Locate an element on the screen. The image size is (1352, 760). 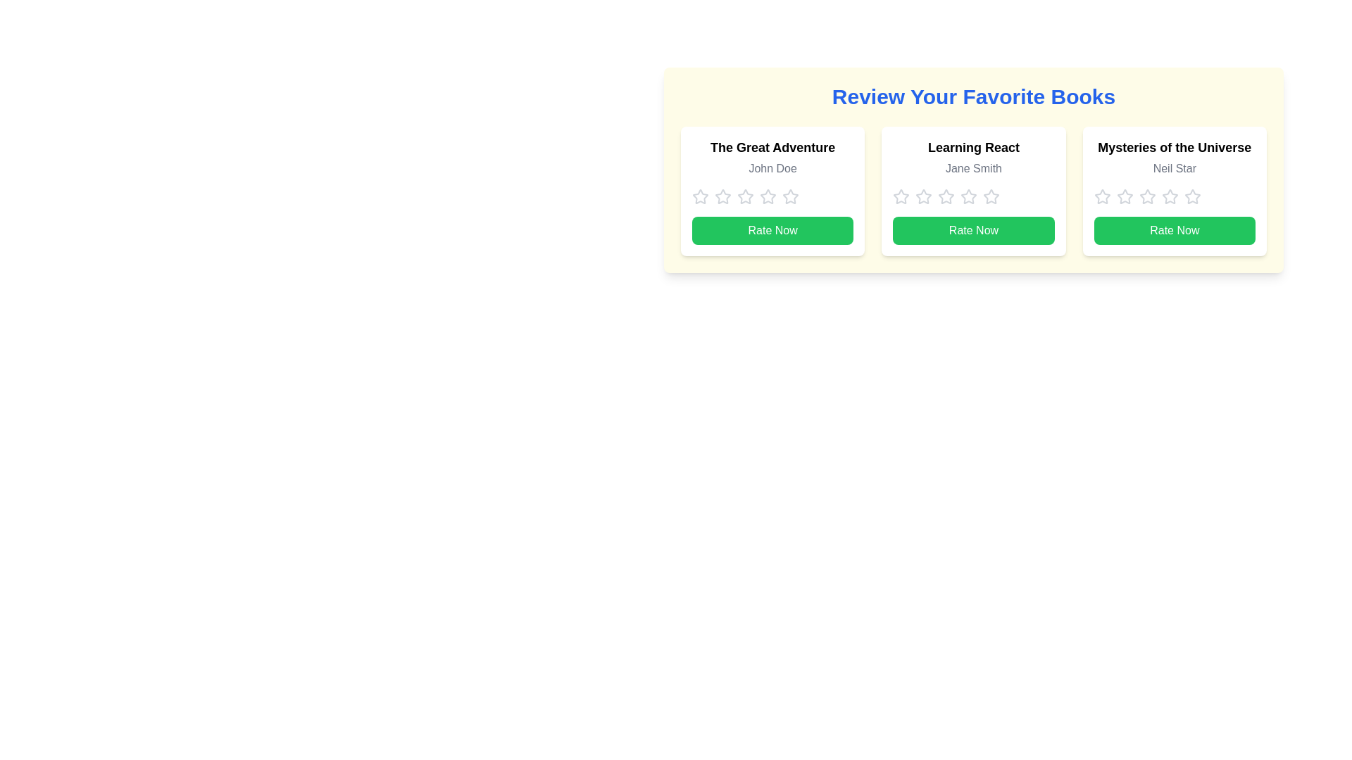
the first star icon in the rating row for the book 'Mysteries of the Universe' to rate it is located at coordinates (1101, 196).